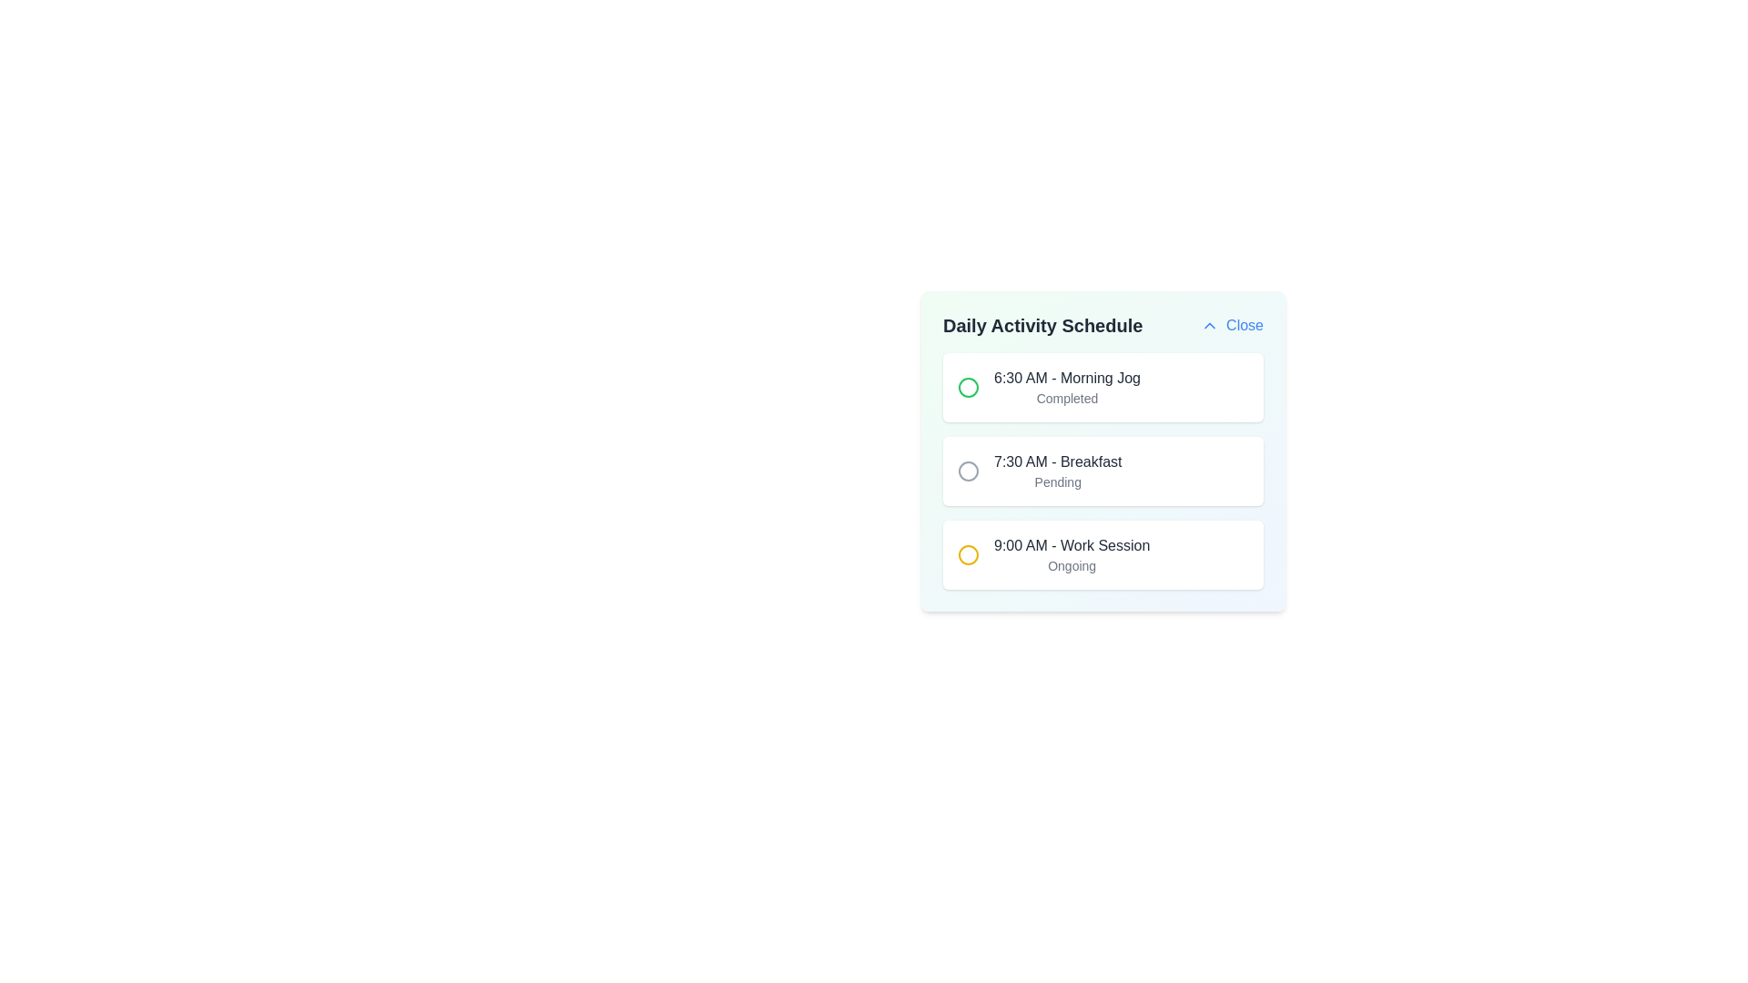  Describe the element at coordinates (968, 470) in the screenshot. I see `the circular gray icon positioned at the start of the list entry for '7:30 AM - Breakfast Pending' within the 'Daily Activity Schedule' panel to check its status indication` at that location.